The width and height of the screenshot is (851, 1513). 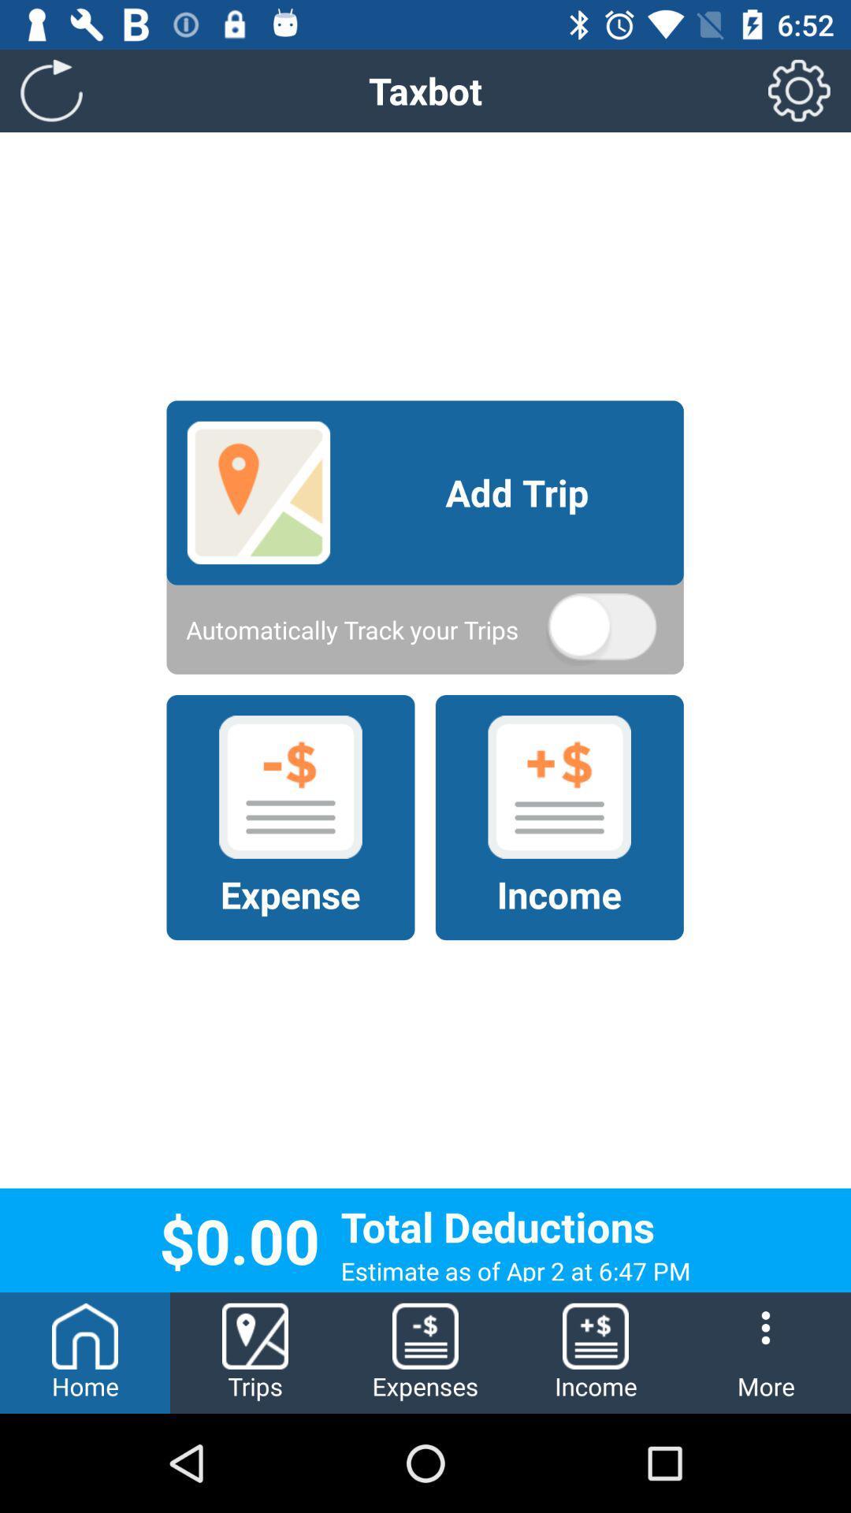 I want to click on icon next to automatically track your, so click(x=601, y=629).